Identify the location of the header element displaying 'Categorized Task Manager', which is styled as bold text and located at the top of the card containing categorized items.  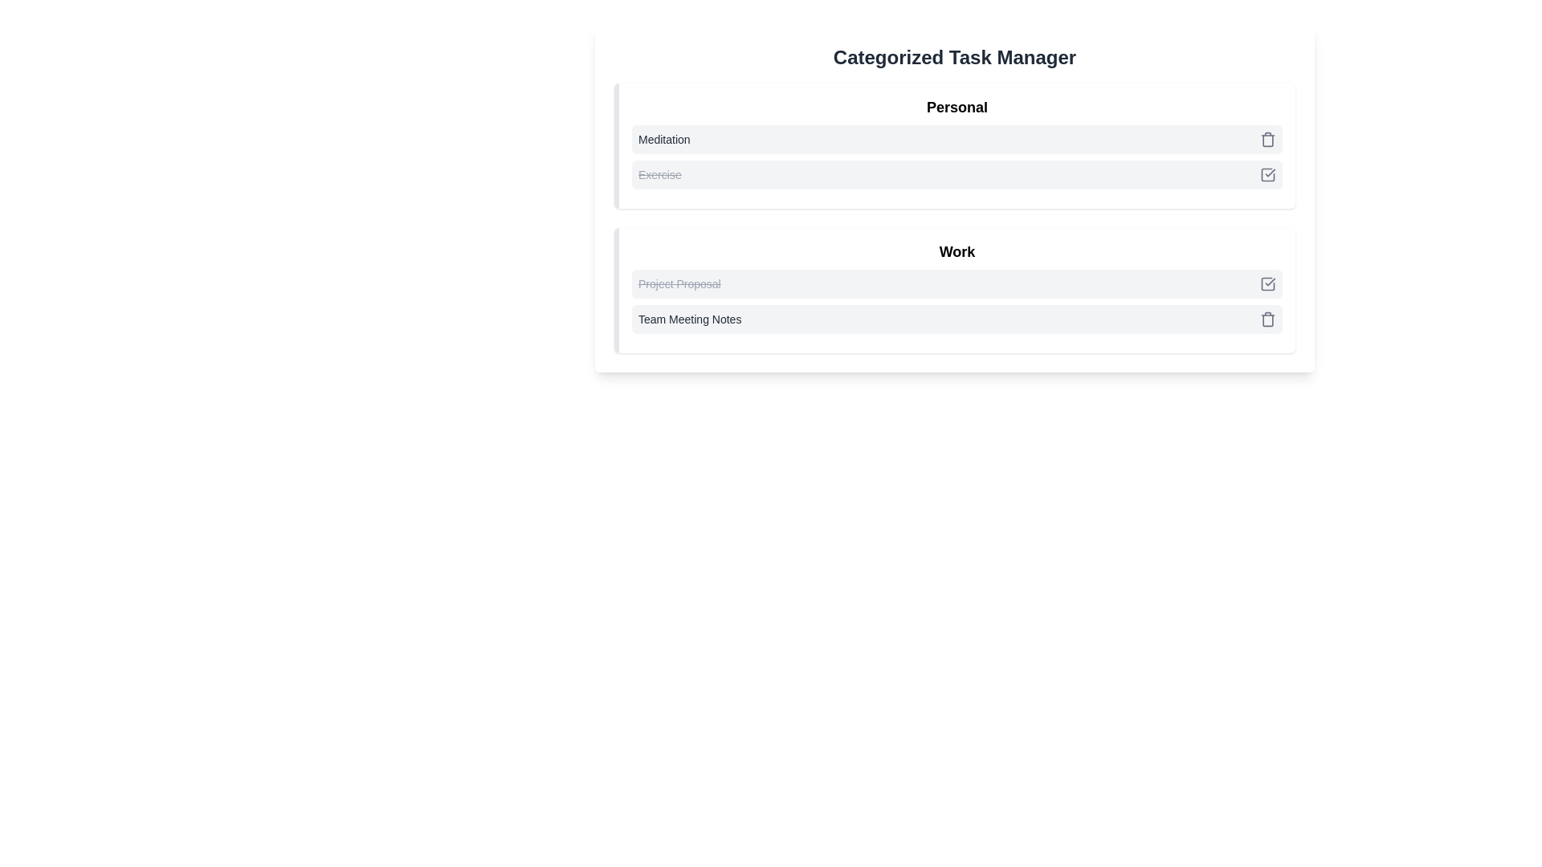
(955, 57).